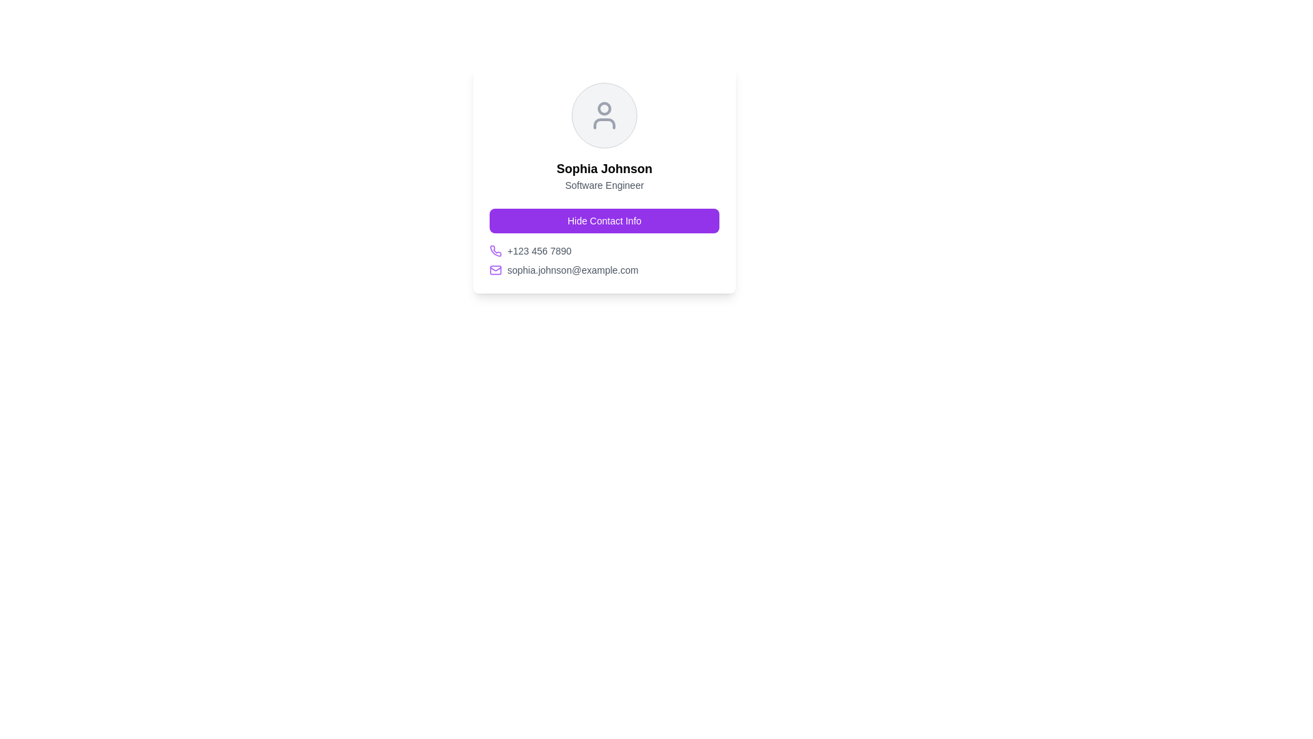  What do you see at coordinates (494, 270) in the screenshot?
I see `the purple mail icon located to the left of the email address 'sophia.johnson@example.com' in the lower-left corner of the card layout` at bounding box center [494, 270].